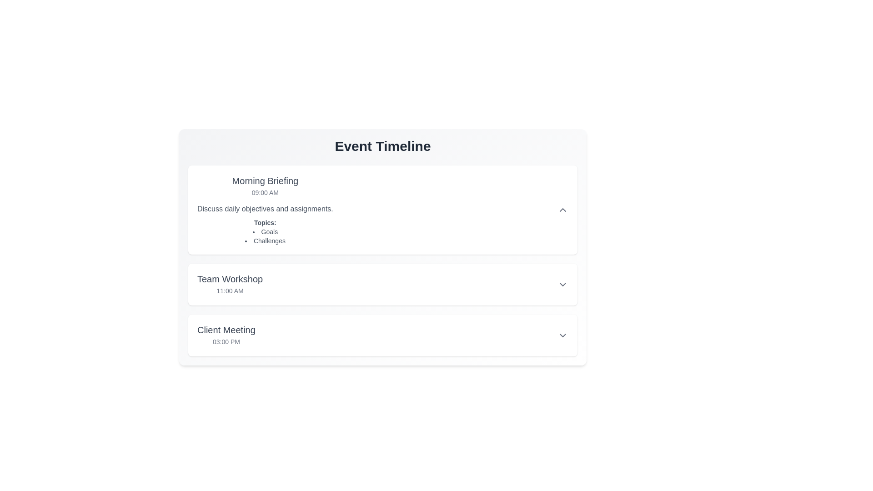  What do you see at coordinates (265, 180) in the screenshot?
I see `the 'Morning Briefing' heading element using keyboard navigation` at bounding box center [265, 180].